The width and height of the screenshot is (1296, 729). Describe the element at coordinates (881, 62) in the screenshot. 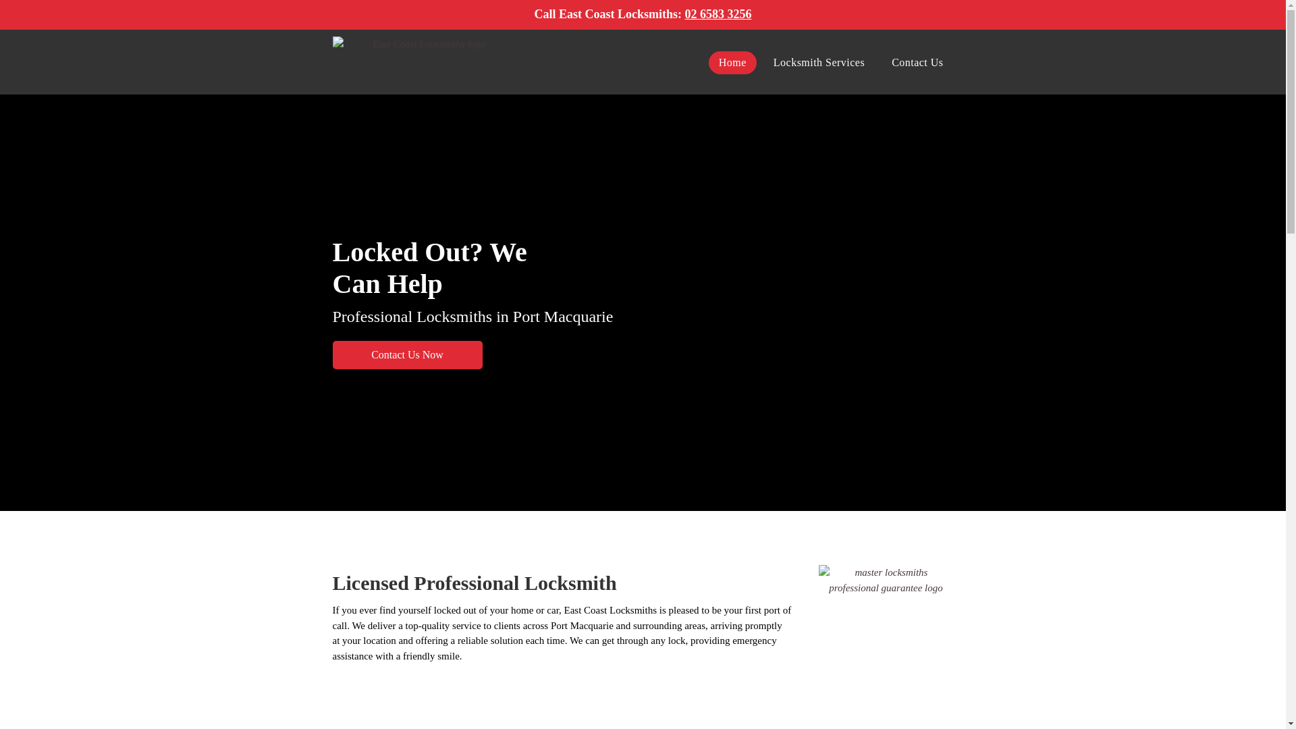

I see `'Contact Us'` at that location.